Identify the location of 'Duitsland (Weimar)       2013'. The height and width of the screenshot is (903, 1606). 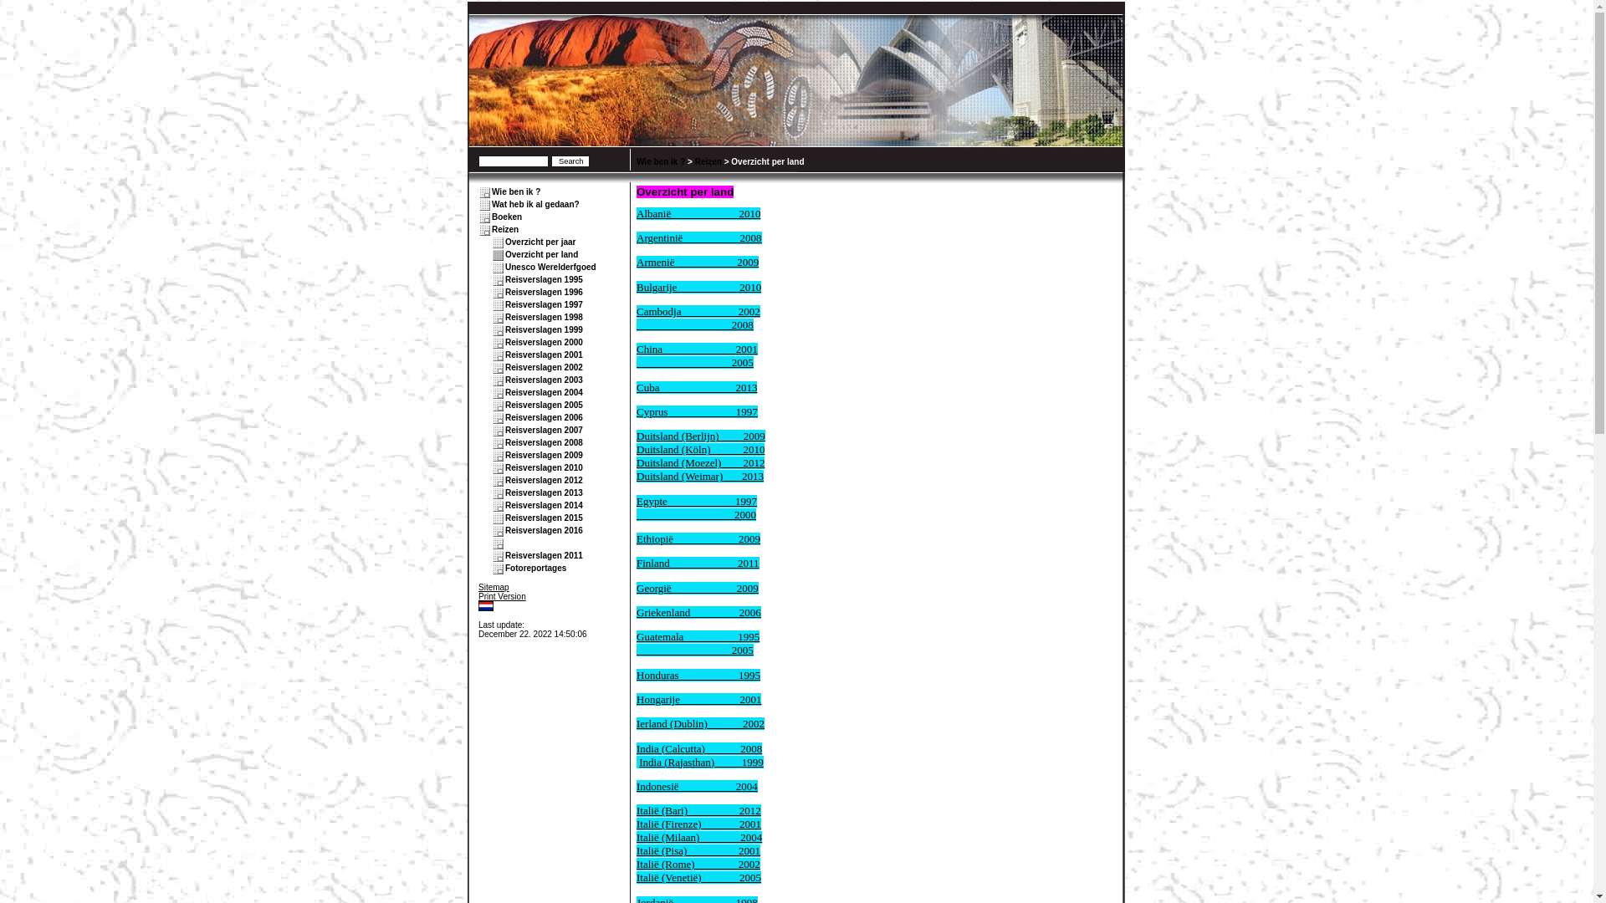
(636, 476).